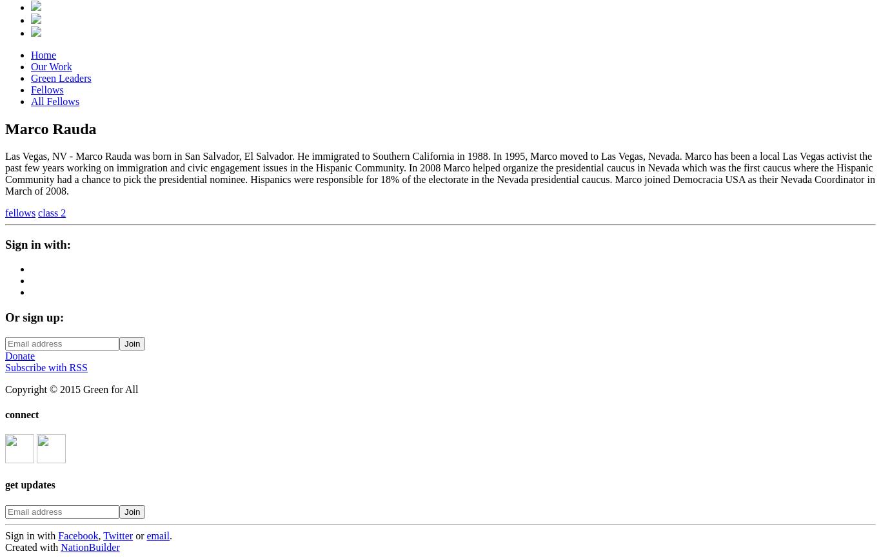 The image size is (881, 558). What do you see at coordinates (89, 546) in the screenshot?
I see `'NationBuilder'` at bounding box center [89, 546].